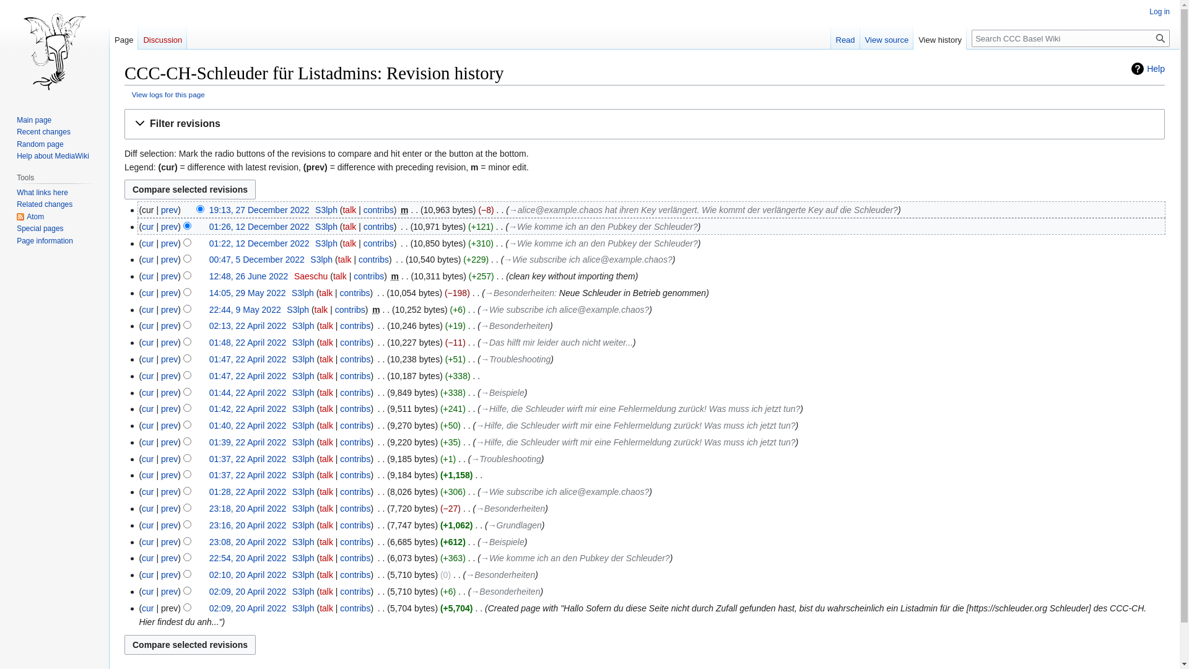 This screenshot has width=1189, height=669. What do you see at coordinates (30, 216) in the screenshot?
I see `'Atom'` at bounding box center [30, 216].